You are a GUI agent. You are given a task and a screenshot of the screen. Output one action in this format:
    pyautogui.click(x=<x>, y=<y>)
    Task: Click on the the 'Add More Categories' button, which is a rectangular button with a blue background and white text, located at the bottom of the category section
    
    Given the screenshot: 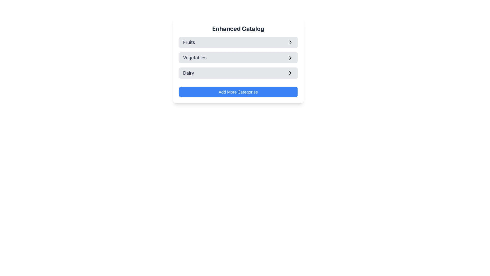 What is the action you would take?
    pyautogui.click(x=238, y=91)
    